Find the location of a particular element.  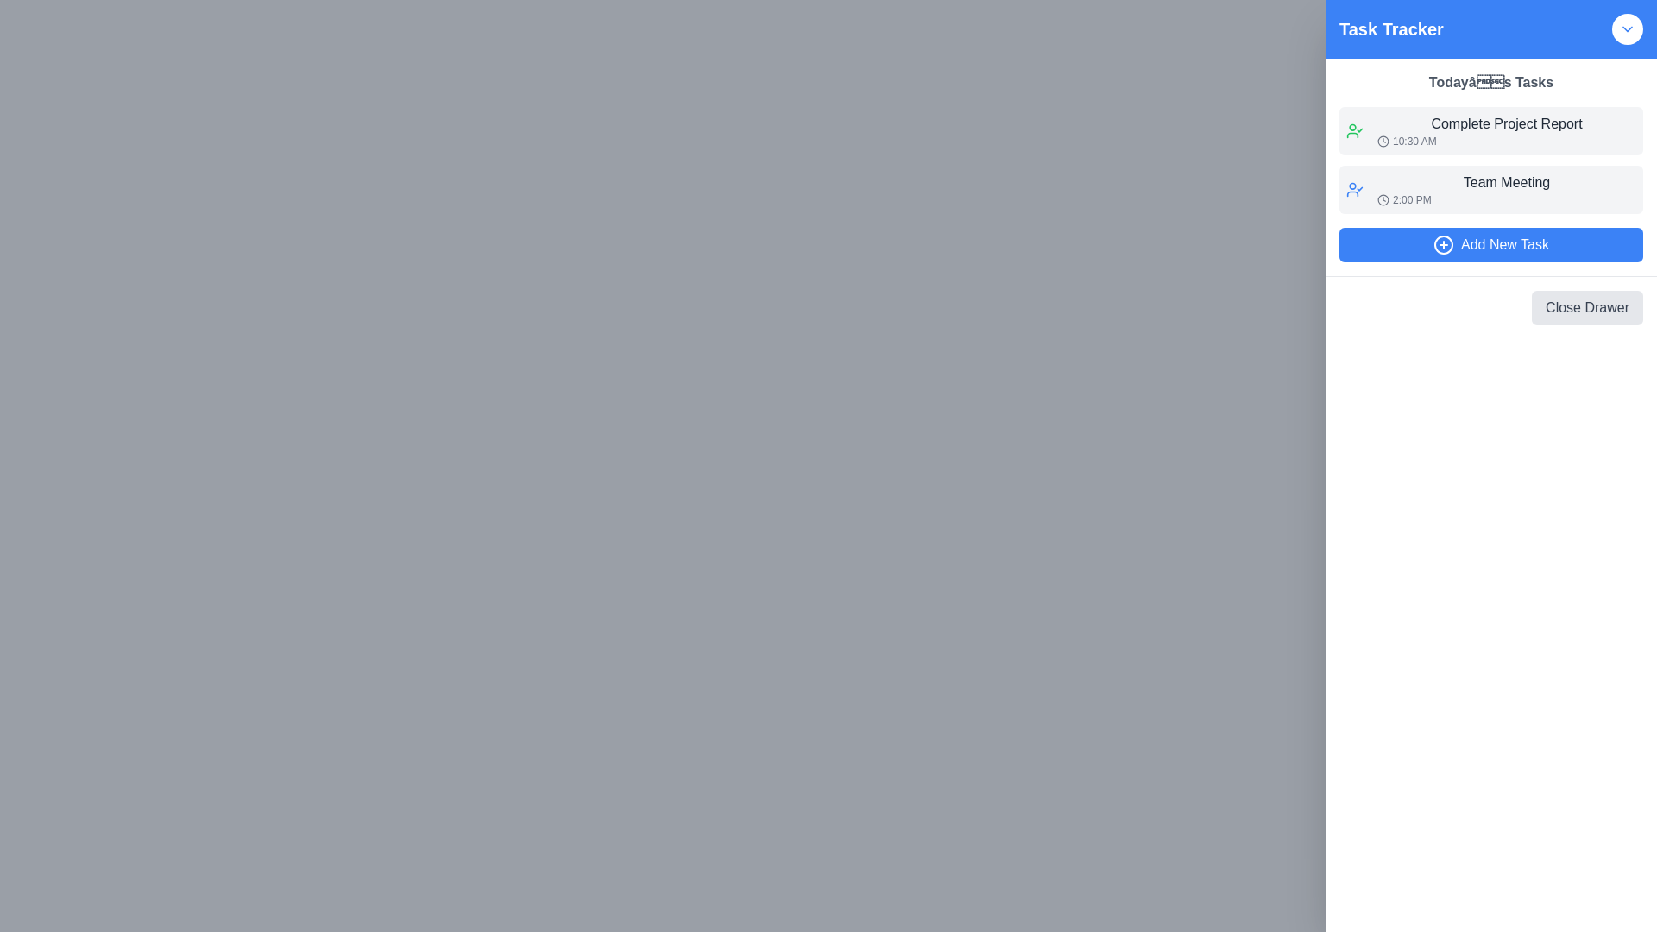

the clock icon in the label displaying the time assigned to the task 'Complete Project Report', located below the task title in 'Today's Tasks' is located at coordinates (1506, 141).